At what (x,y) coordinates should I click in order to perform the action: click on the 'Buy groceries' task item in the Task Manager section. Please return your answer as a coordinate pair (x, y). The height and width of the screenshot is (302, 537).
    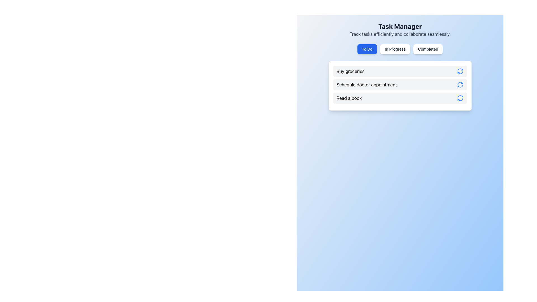
    Looking at the image, I should click on (400, 71).